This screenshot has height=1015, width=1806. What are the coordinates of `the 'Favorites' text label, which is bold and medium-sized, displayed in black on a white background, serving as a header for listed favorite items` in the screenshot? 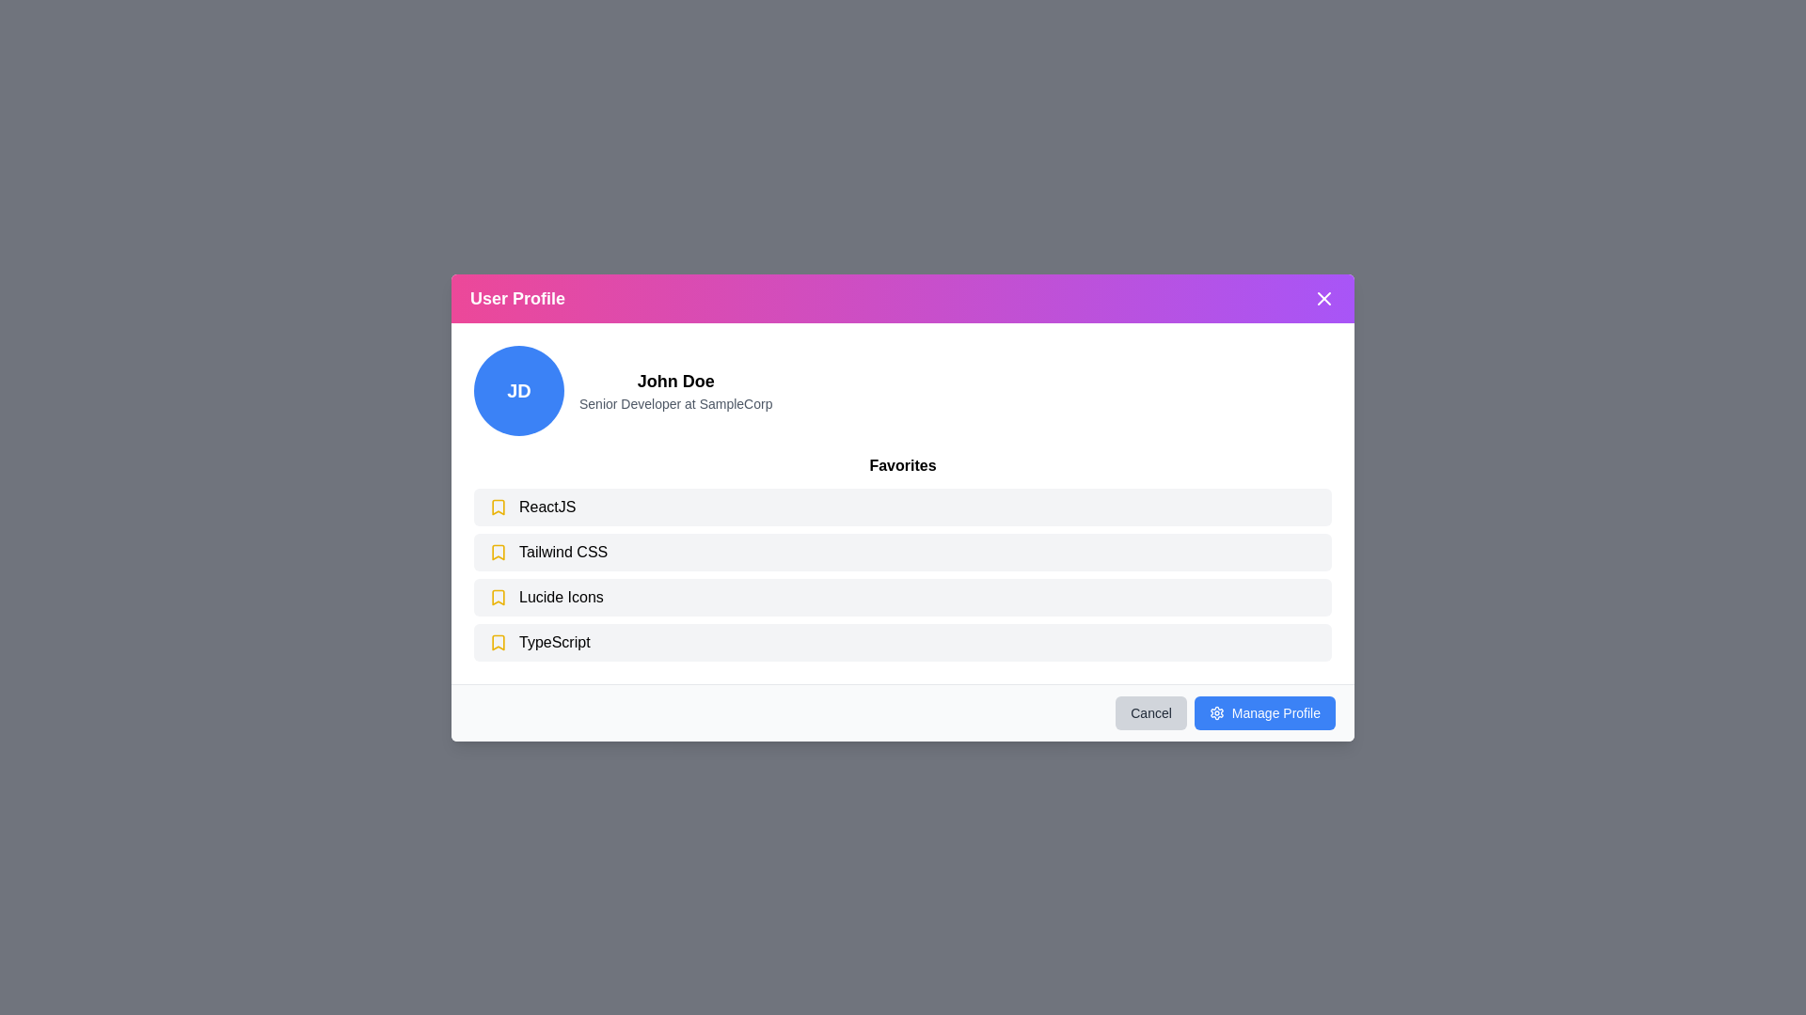 It's located at (903, 464).